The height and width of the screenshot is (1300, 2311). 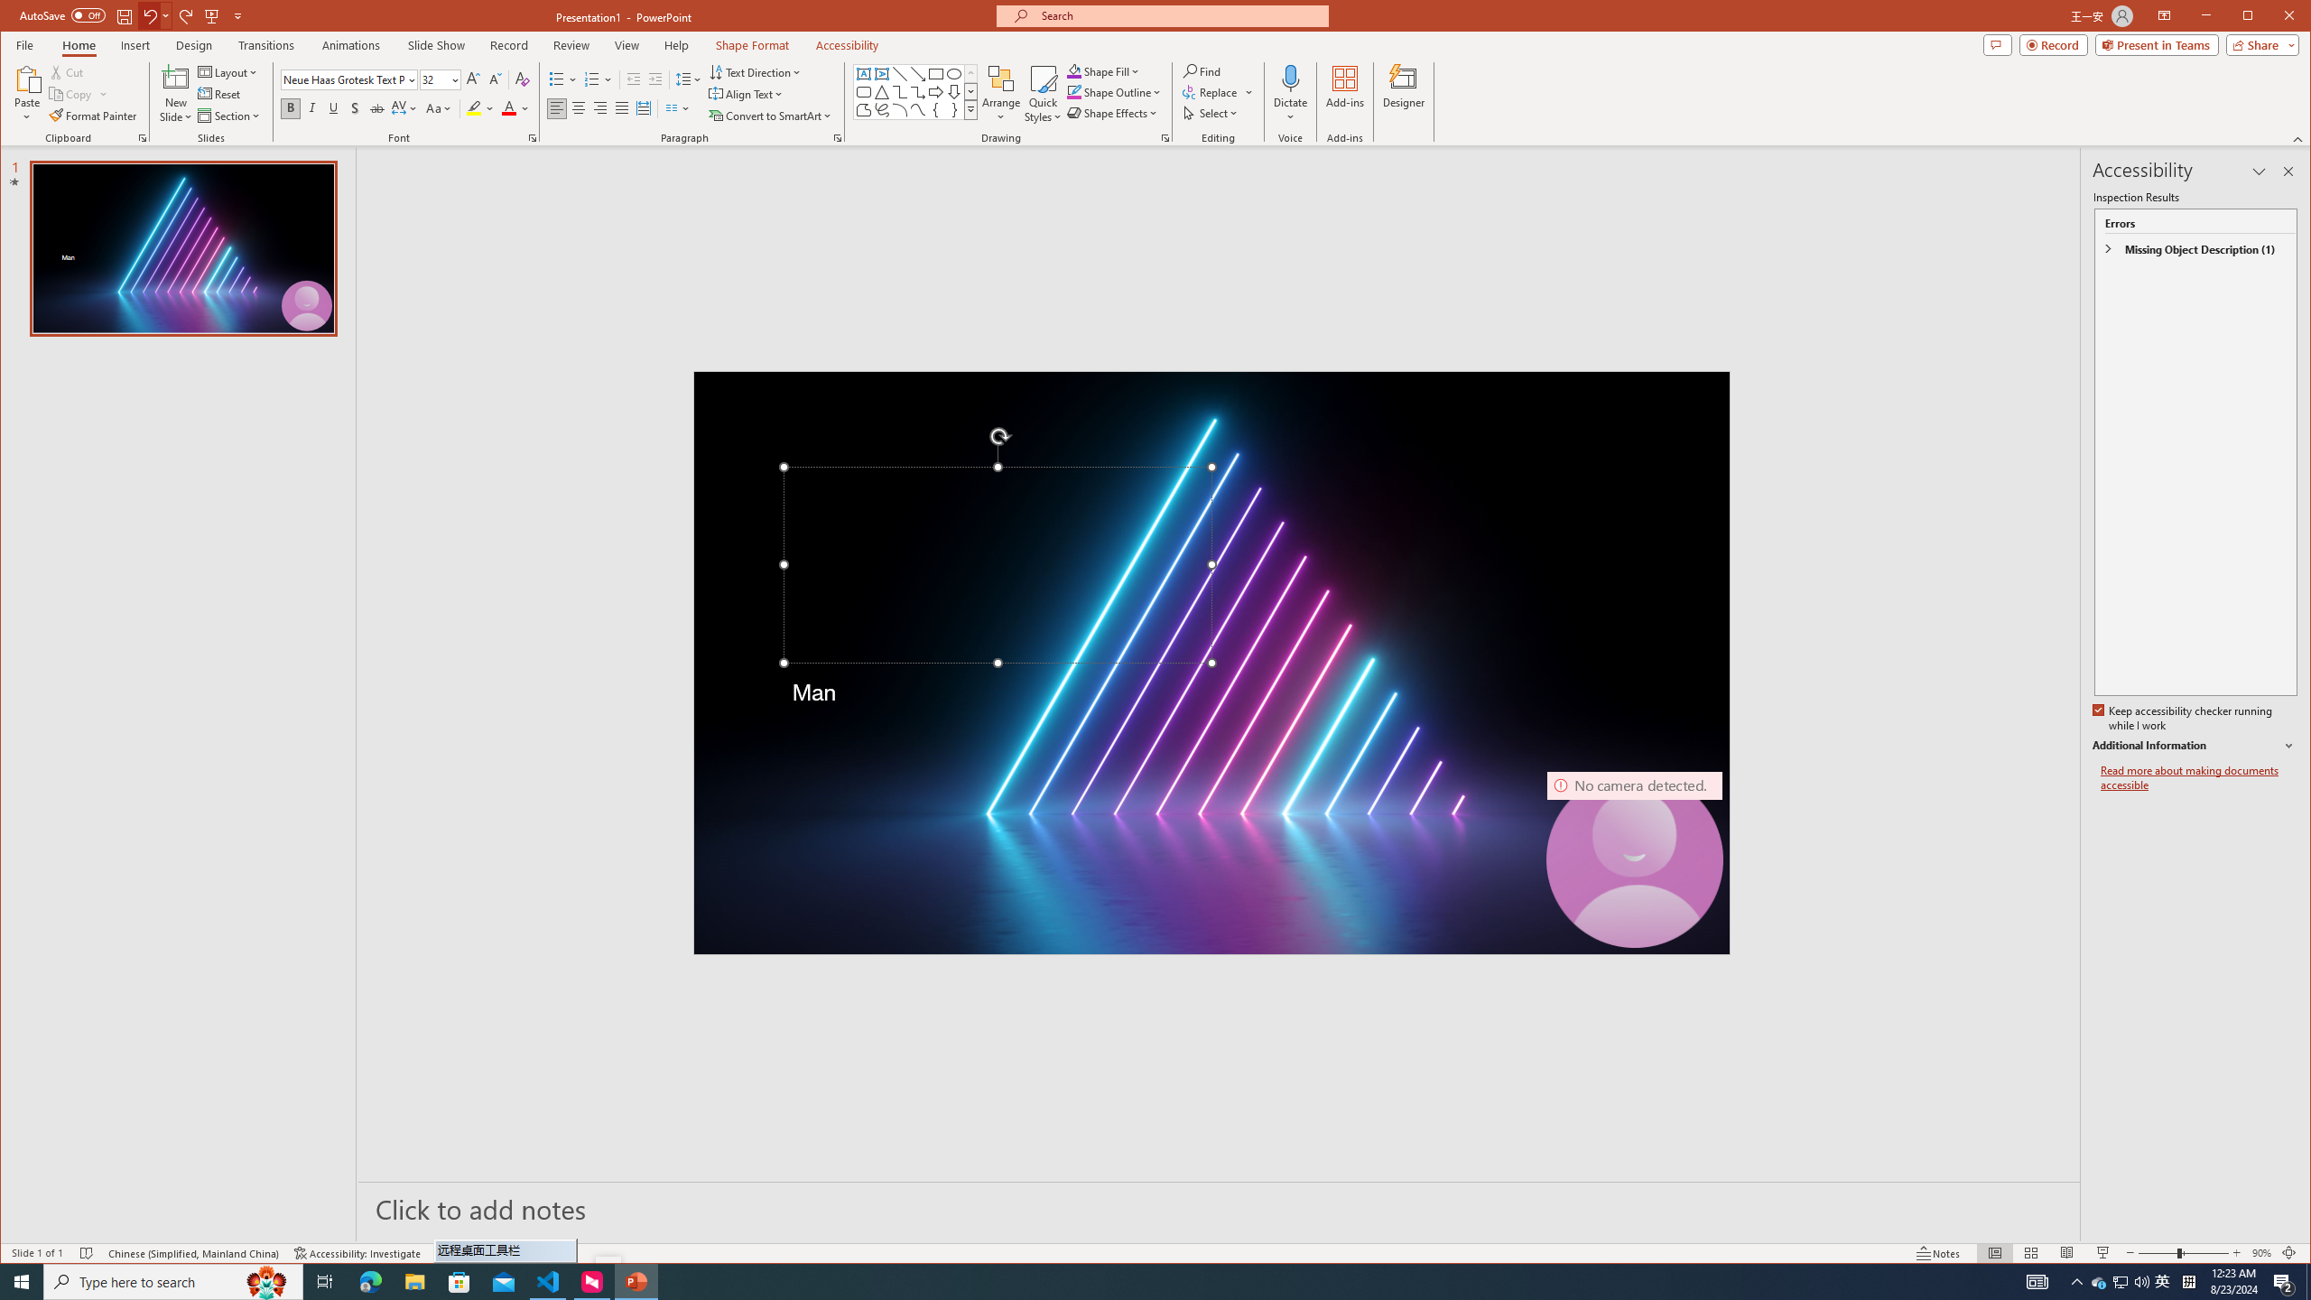 What do you see at coordinates (654, 79) in the screenshot?
I see `'Increase Indent'` at bounding box center [654, 79].